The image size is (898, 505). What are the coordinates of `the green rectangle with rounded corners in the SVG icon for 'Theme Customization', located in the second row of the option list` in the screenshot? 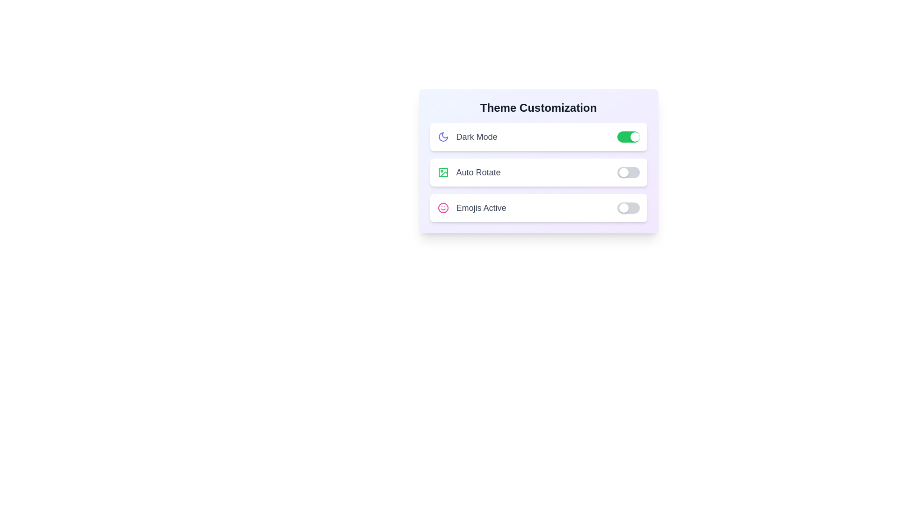 It's located at (442, 173).